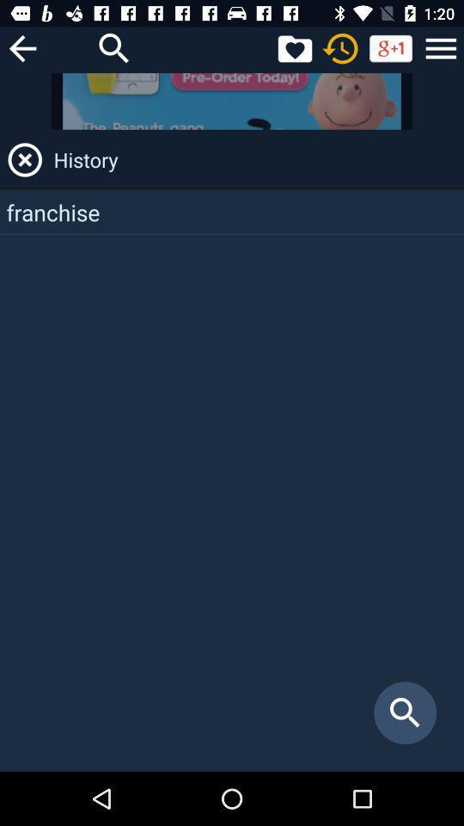 The width and height of the screenshot is (464, 826). Describe the element at coordinates (294, 47) in the screenshot. I see `button to go to favorites folder` at that location.